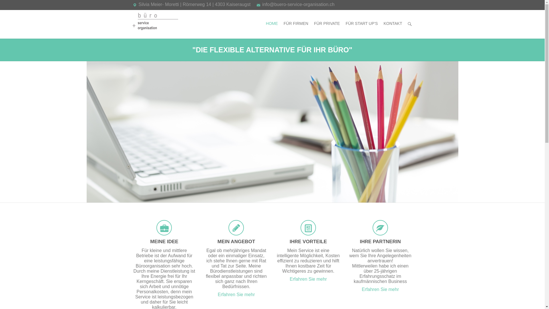  I want to click on 'HOME', so click(266, 24).